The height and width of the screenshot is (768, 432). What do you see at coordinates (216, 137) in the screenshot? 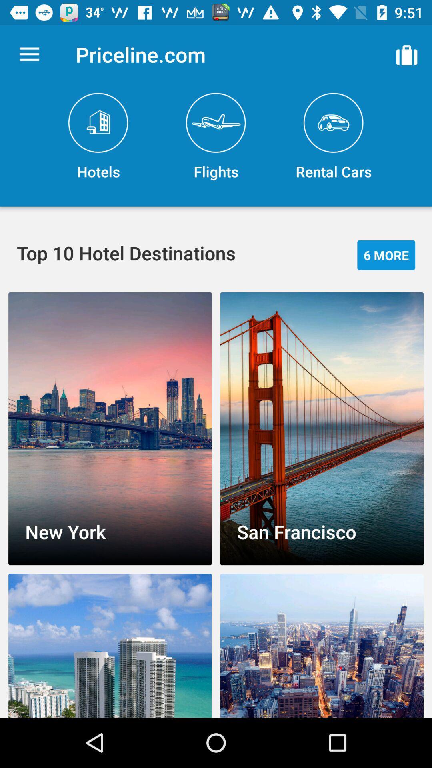
I see `the item next to the rental cars` at bounding box center [216, 137].